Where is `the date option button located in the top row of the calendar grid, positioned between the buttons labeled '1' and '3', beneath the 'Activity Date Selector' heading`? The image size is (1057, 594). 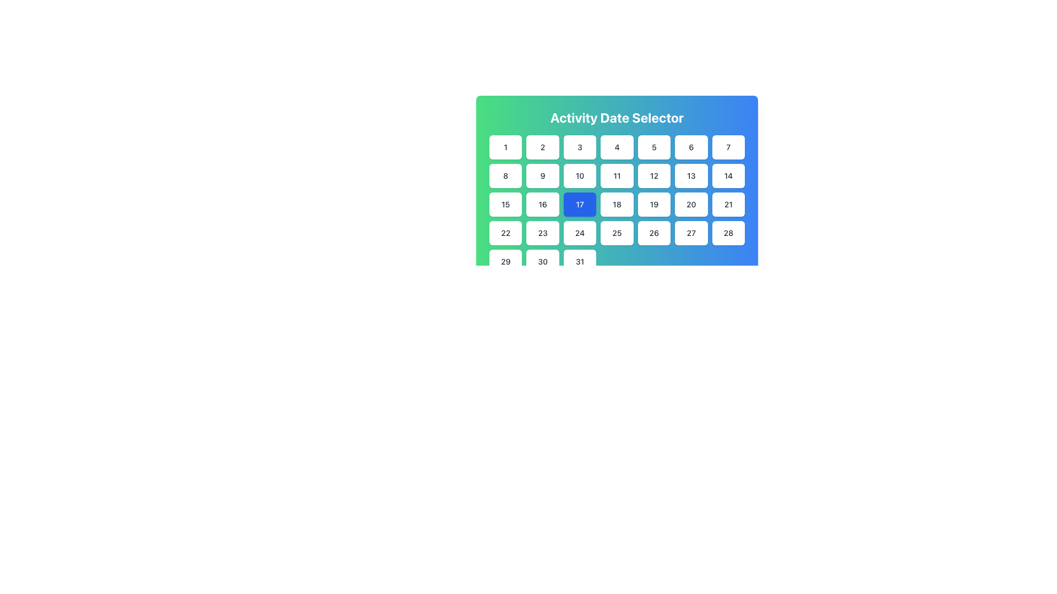 the date option button located in the top row of the calendar grid, positioned between the buttons labeled '1' and '3', beneath the 'Activity Date Selector' heading is located at coordinates (543, 146).